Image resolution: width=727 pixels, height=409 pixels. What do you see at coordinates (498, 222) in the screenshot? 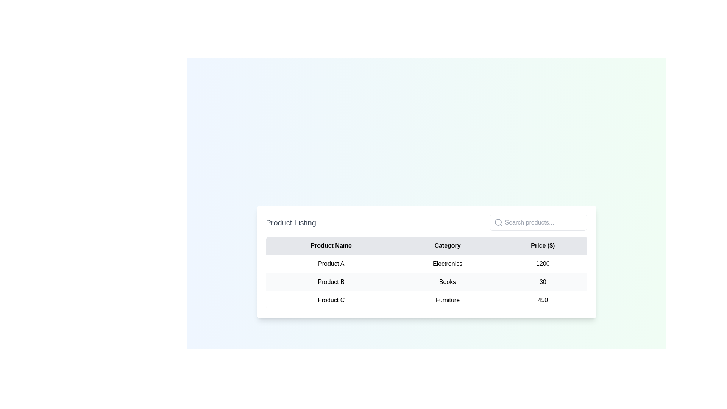
I see `the search icon located inside the input text field on the left side, which is positioned in the upper-right part of the interface, adjacent to the 'Product Listing' table` at bounding box center [498, 222].